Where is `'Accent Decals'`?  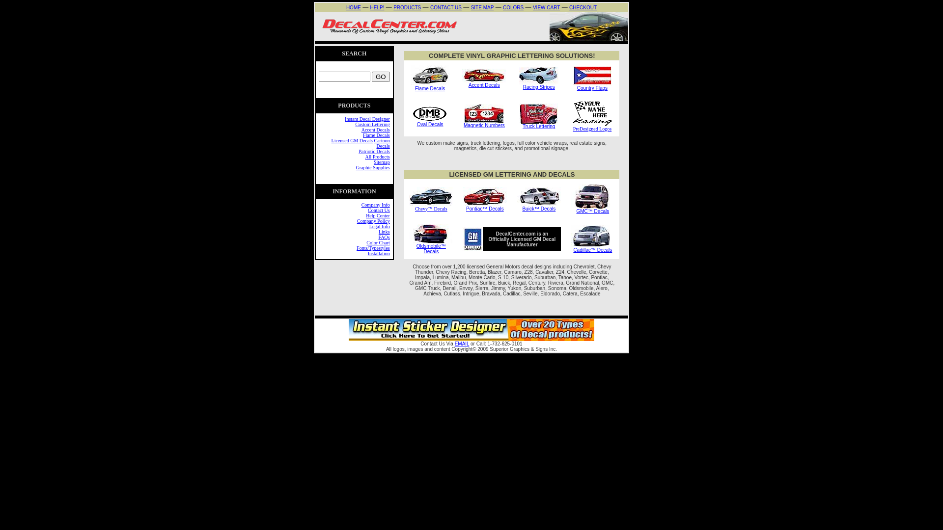 'Accent Decals' is located at coordinates (468, 84).